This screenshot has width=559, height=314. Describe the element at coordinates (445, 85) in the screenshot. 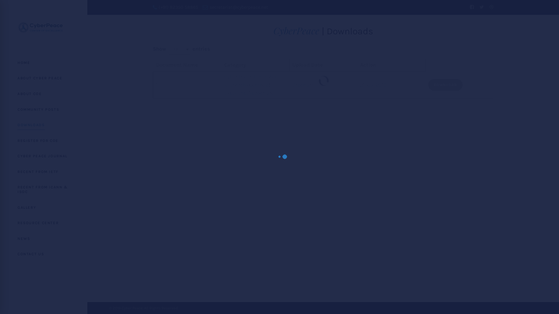

I see `'DOWNLOAD'` at that location.